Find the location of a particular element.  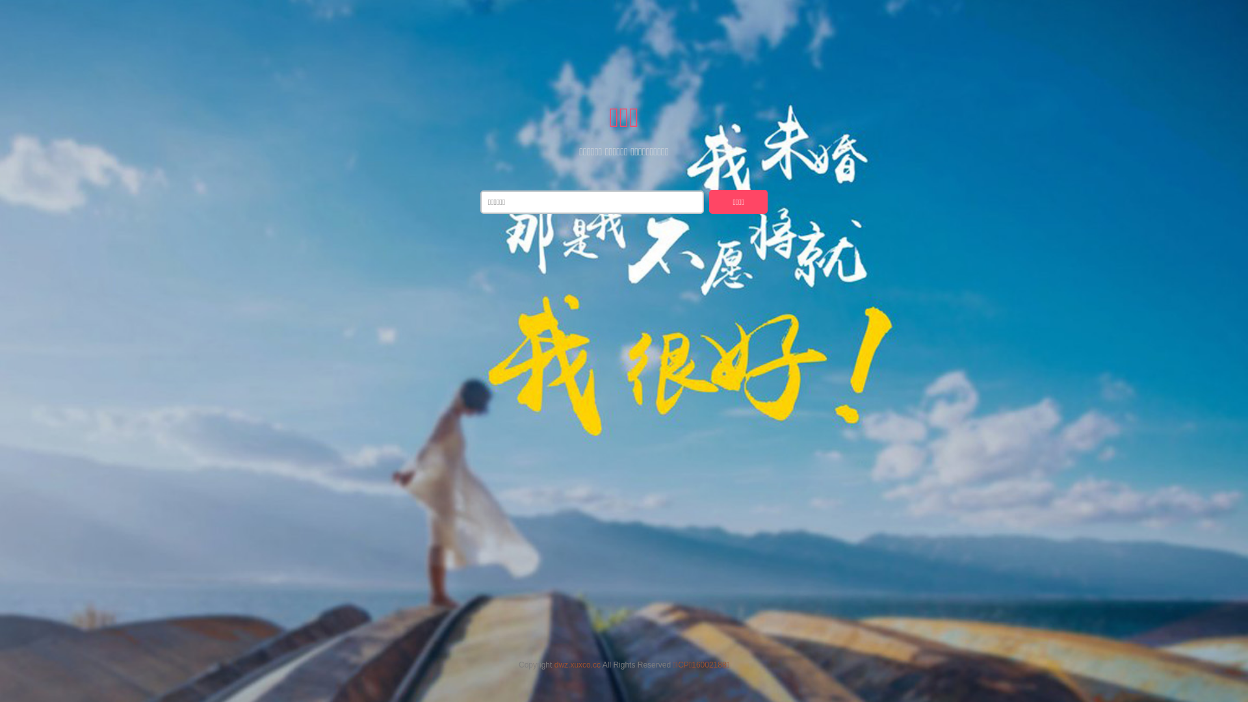

'dwz.xuxco.cc' is located at coordinates (577, 664).